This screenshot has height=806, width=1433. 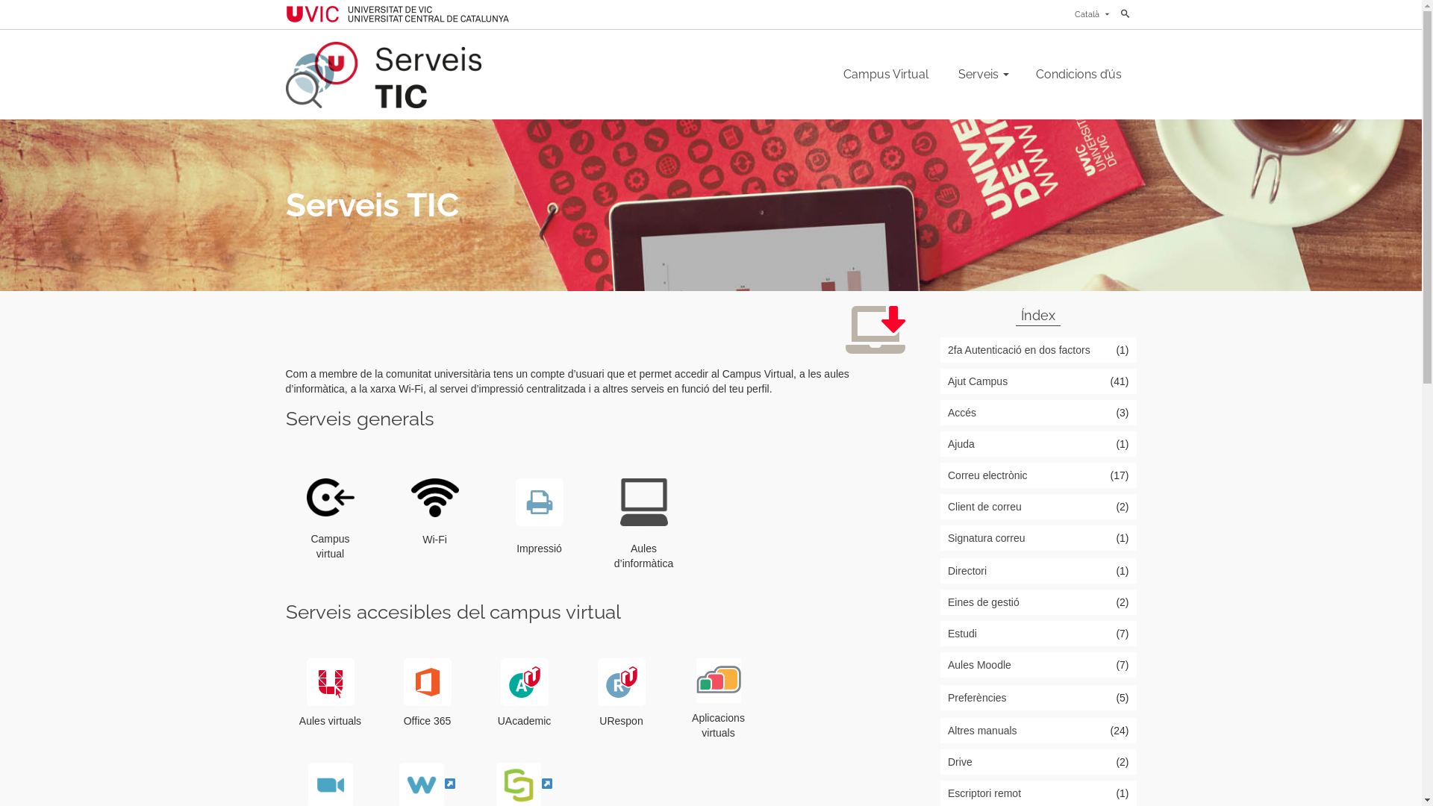 I want to click on 'Directori', so click(x=1037, y=570).